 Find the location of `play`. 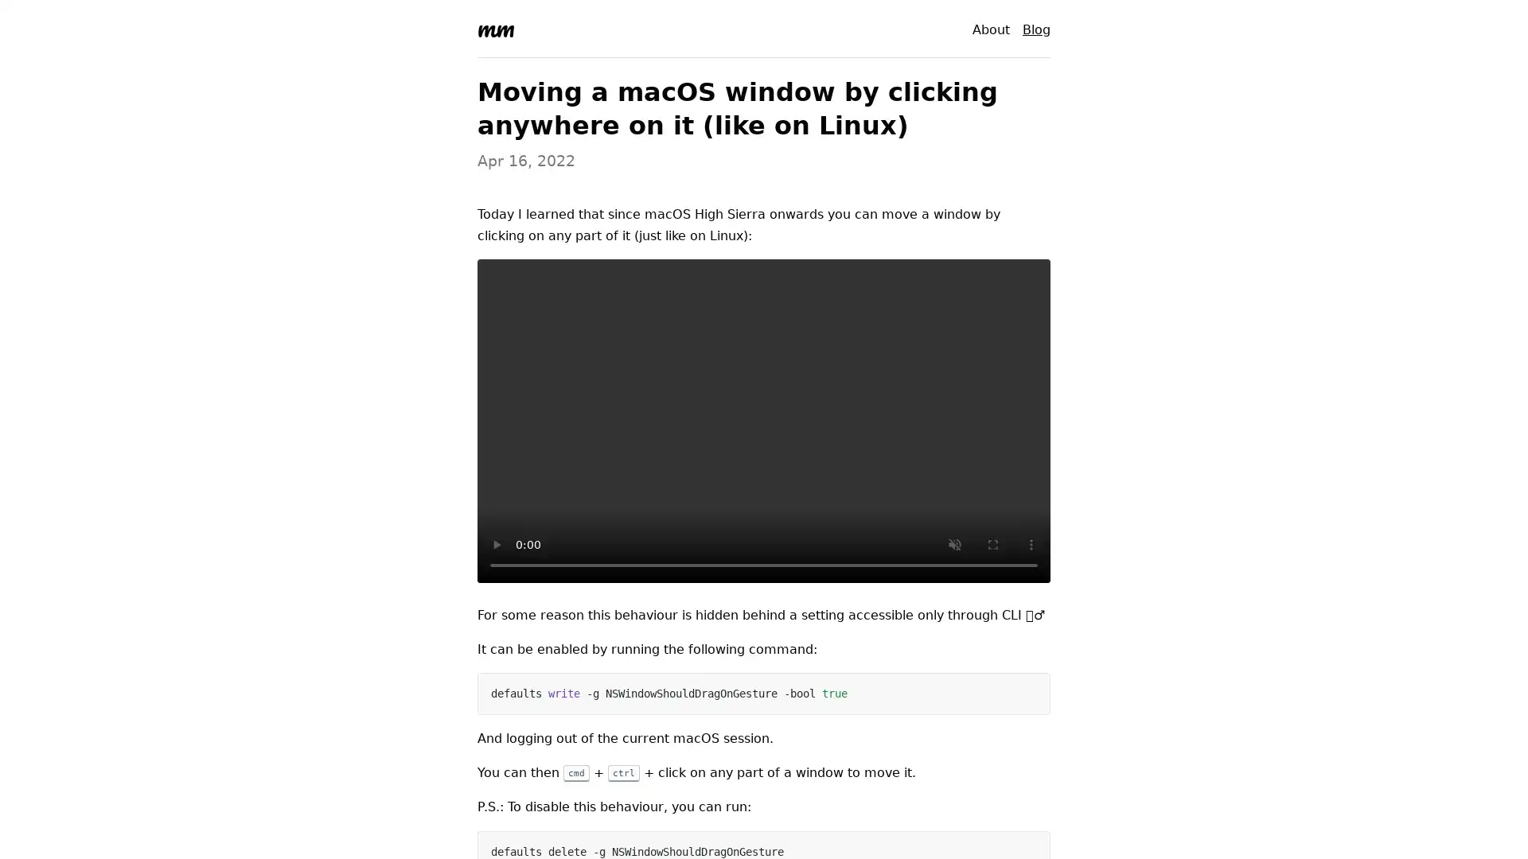

play is located at coordinates (496, 544).